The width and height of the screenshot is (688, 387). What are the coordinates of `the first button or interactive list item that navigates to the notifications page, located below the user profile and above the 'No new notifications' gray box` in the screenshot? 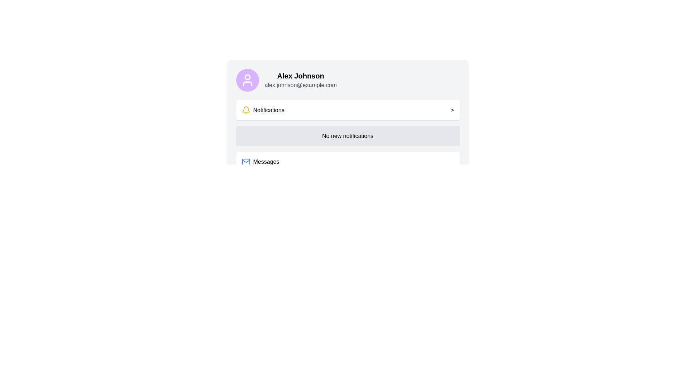 It's located at (348, 110).